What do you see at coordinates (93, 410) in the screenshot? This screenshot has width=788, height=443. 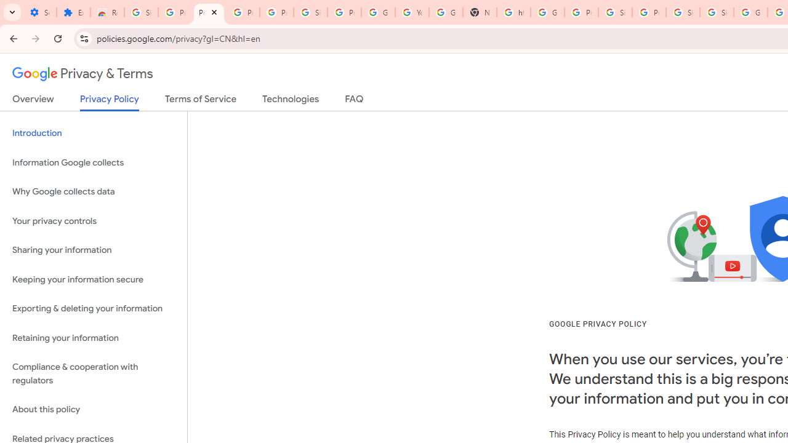 I see `'About this policy'` at bounding box center [93, 410].